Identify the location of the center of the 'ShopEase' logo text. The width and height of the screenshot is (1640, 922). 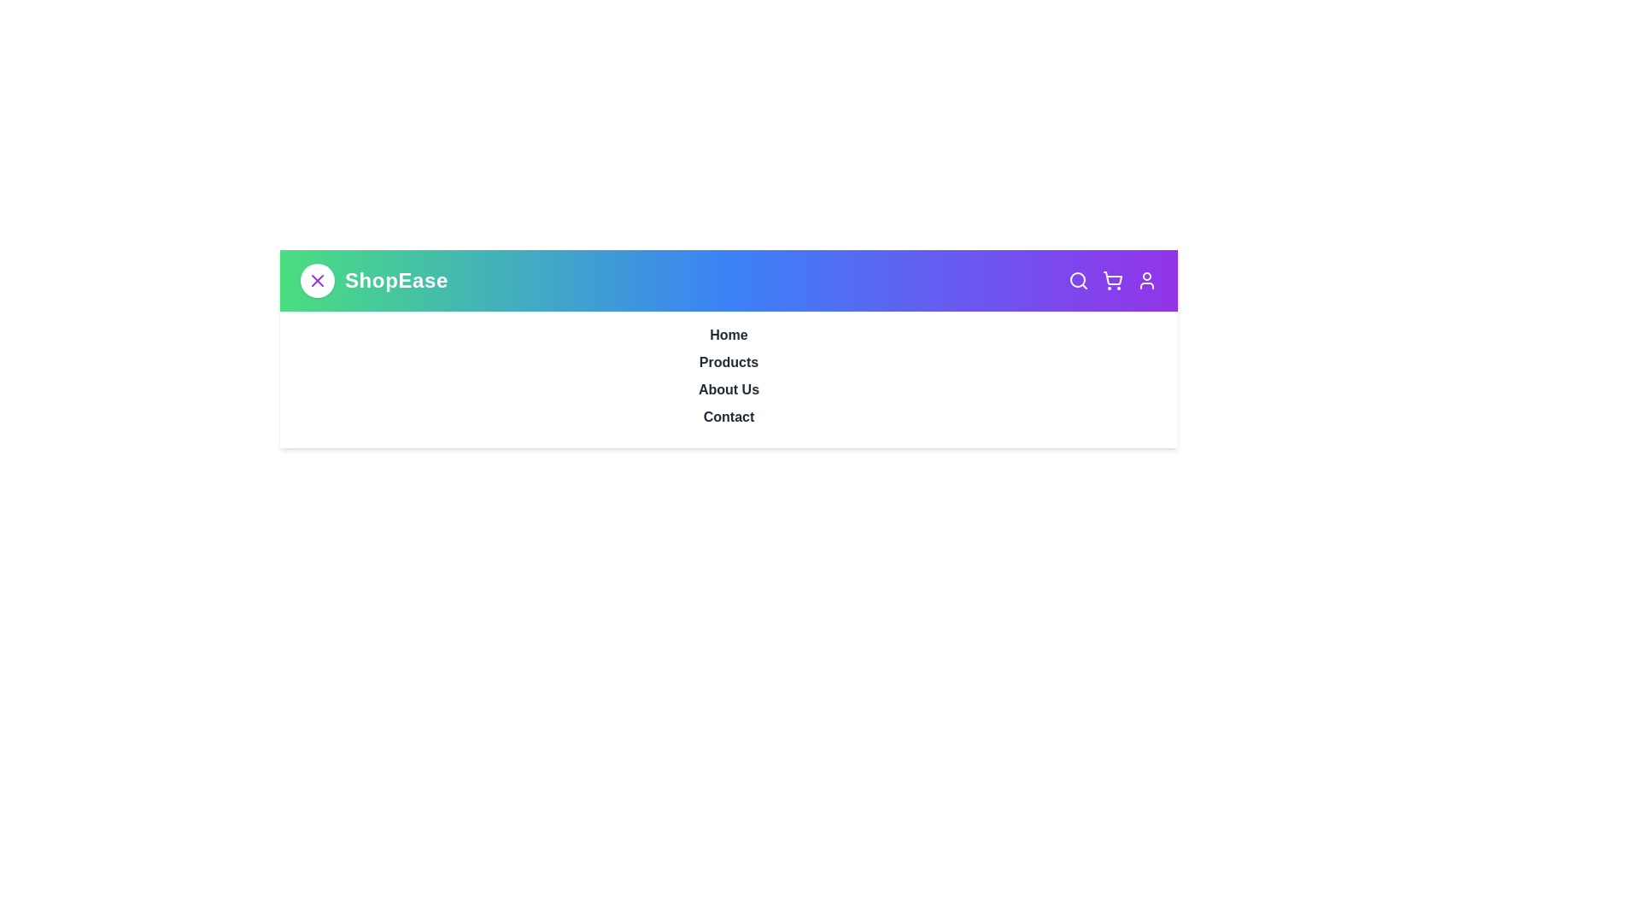
(395, 279).